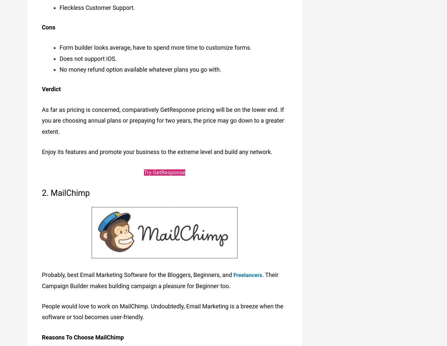 The image size is (447, 346). Describe the element at coordinates (51, 87) in the screenshot. I see `'Verdict'` at that location.